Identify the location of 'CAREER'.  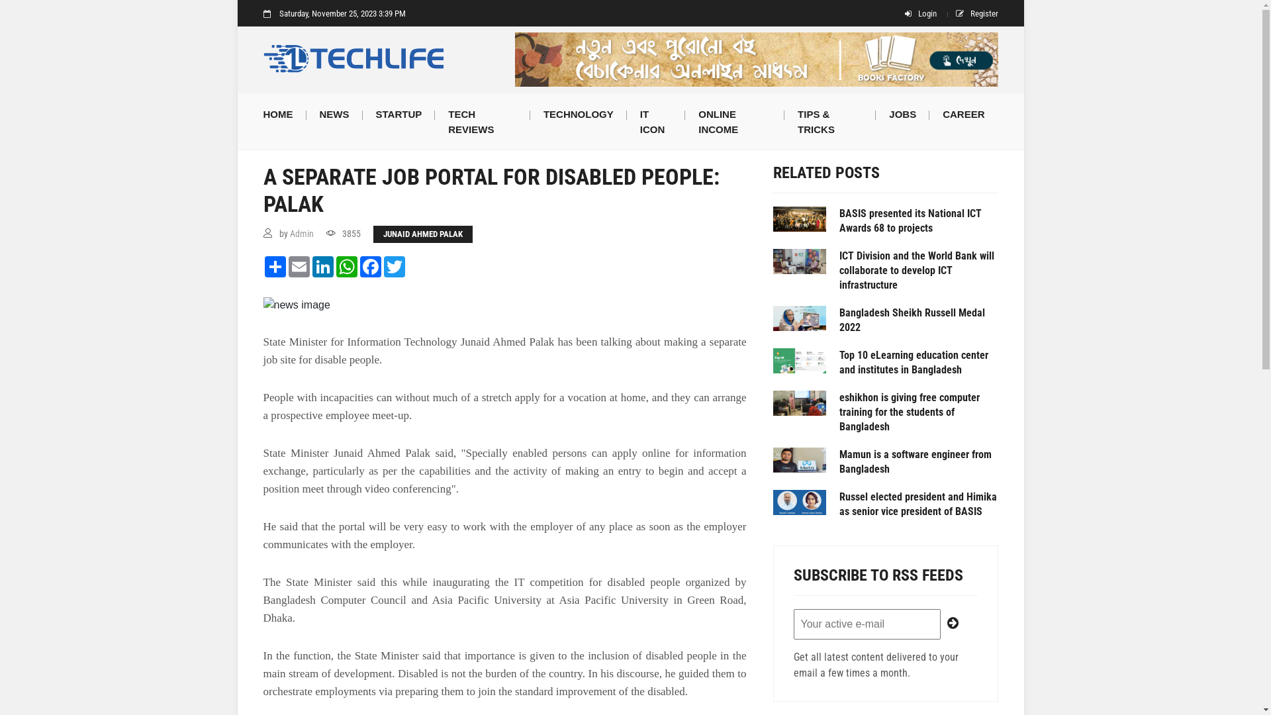
(963, 113).